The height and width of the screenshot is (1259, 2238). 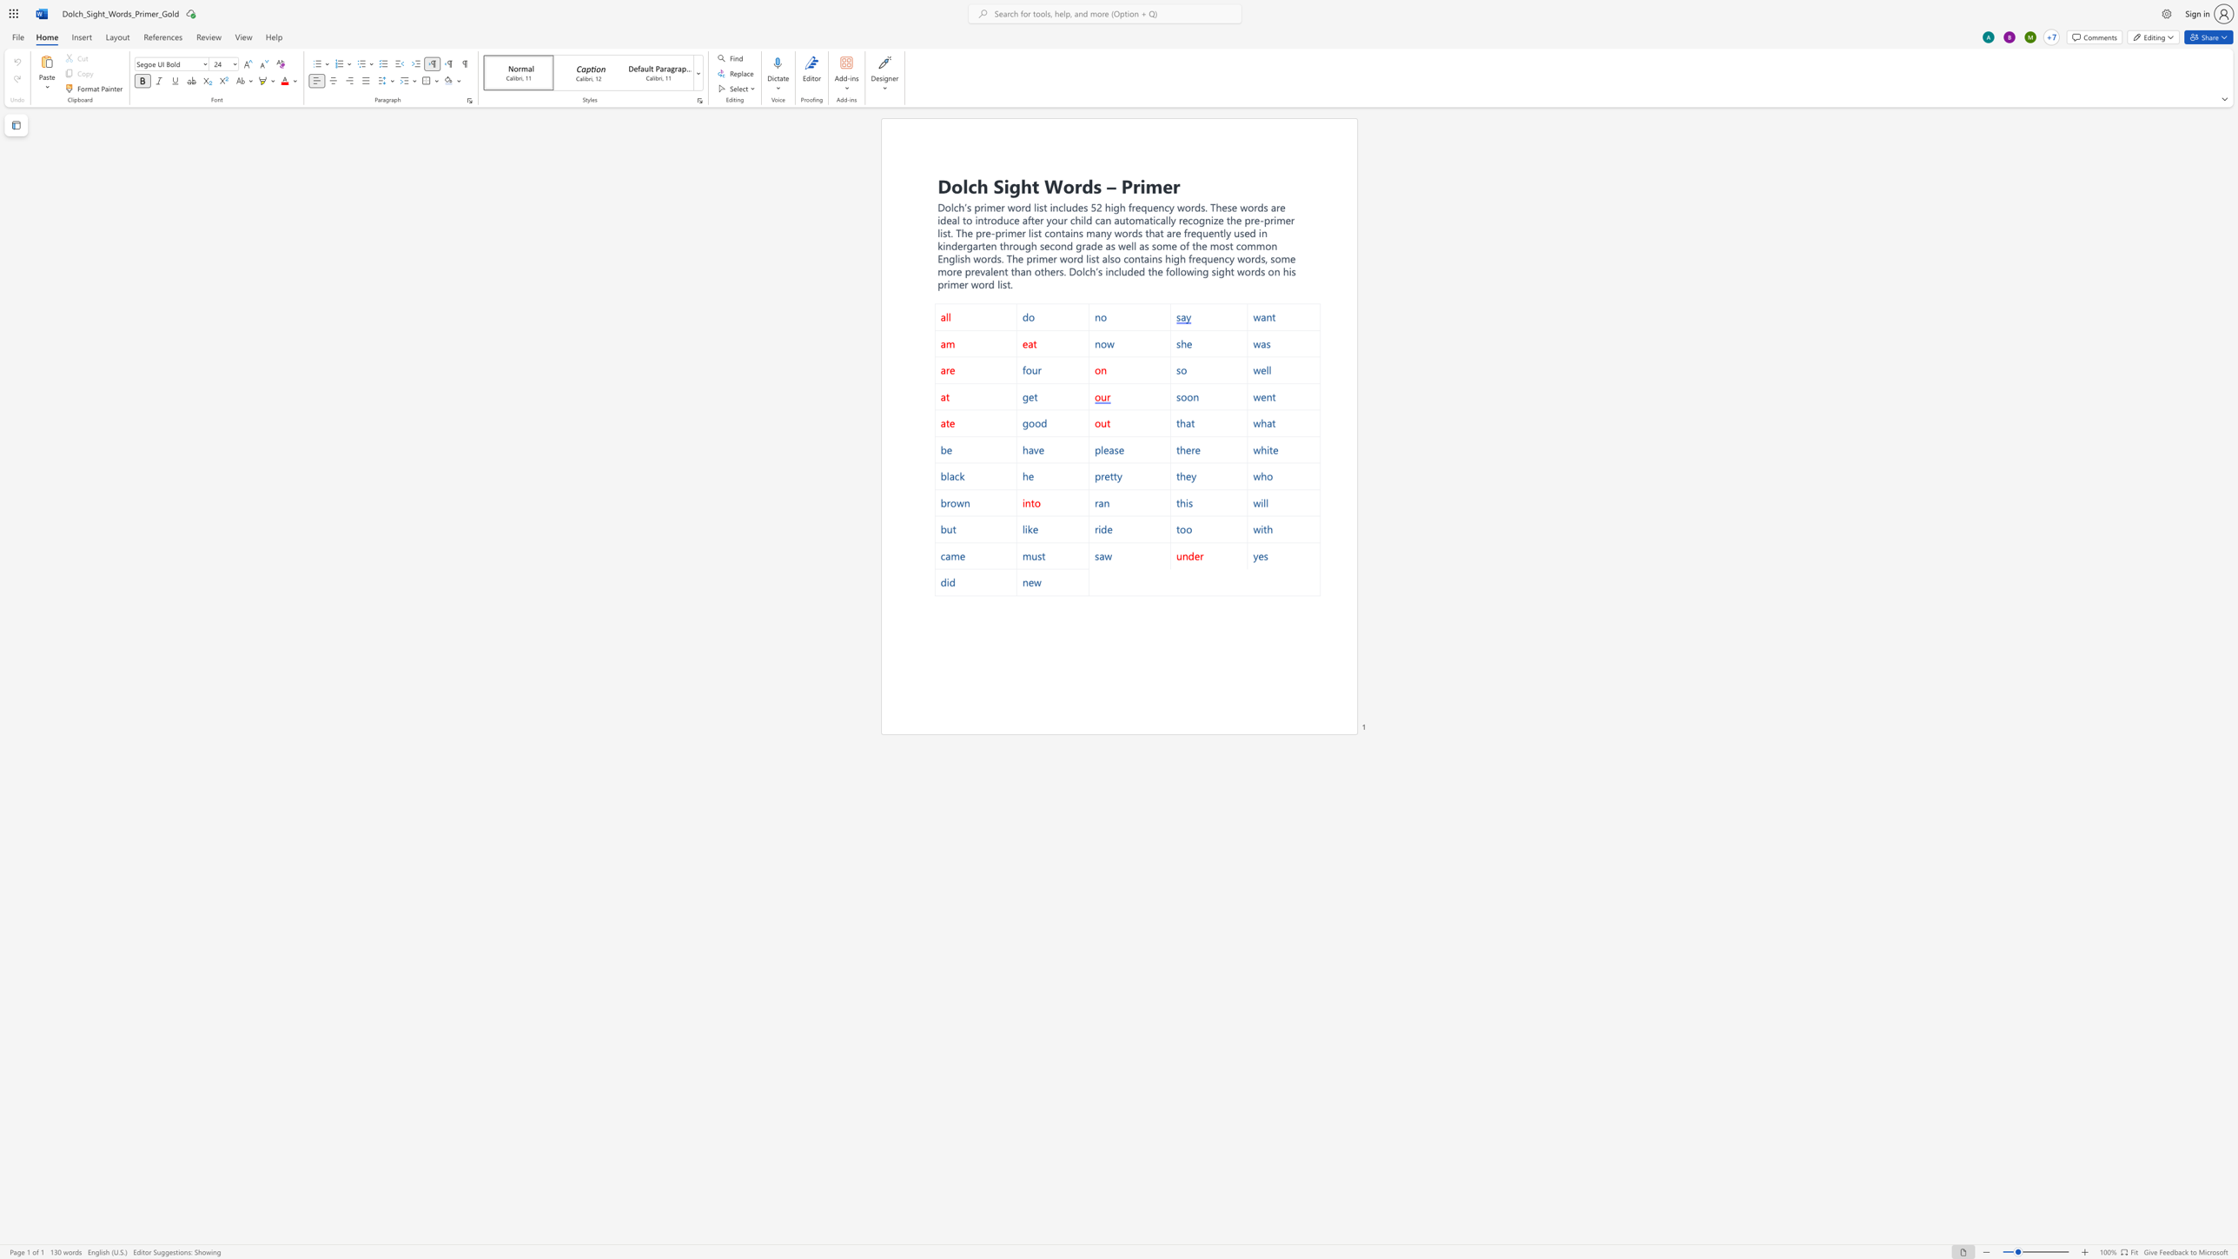 What do you see at coordinates (1093, 233) in the screenshot?
I see `the space between the continuous character "m" and "a" in the text` at bounding box center [1093, 233].